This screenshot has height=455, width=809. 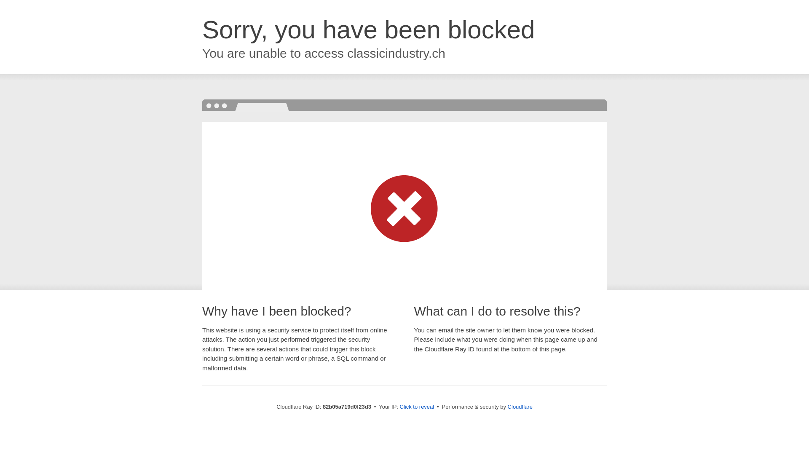 I want to click on 'Click to reveal', so click(x=417, y=406).